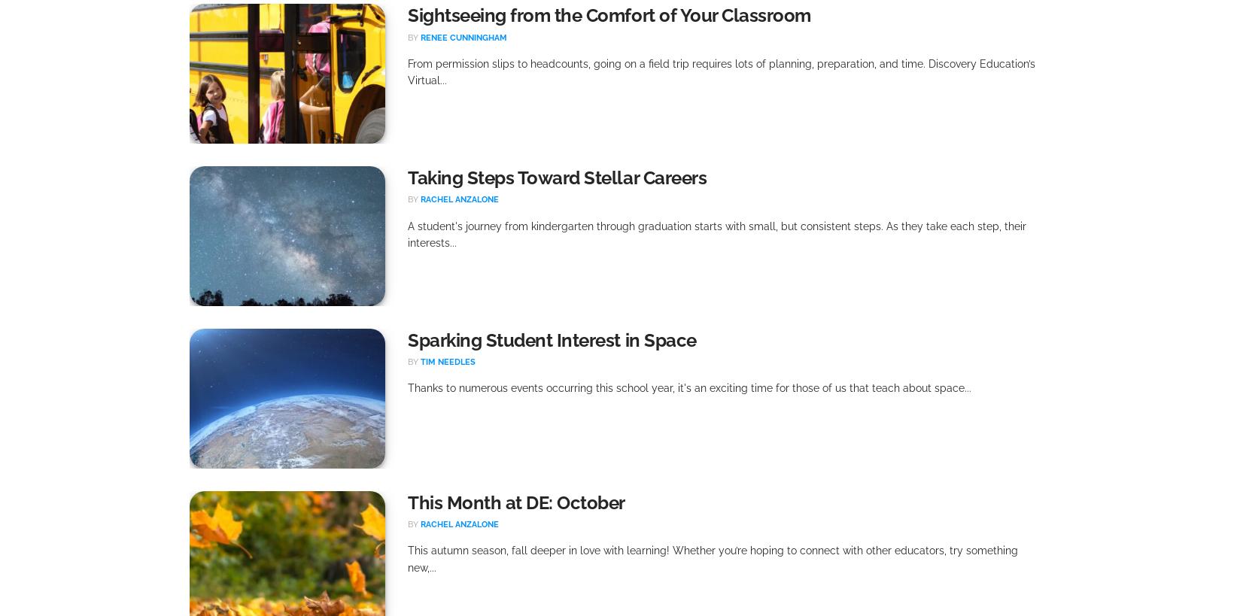 The image size is (1237, 616). Describe the element at coordinates (551, 340) in the screenshot. I see `'Sparking Student Interest in Space'` at that location.